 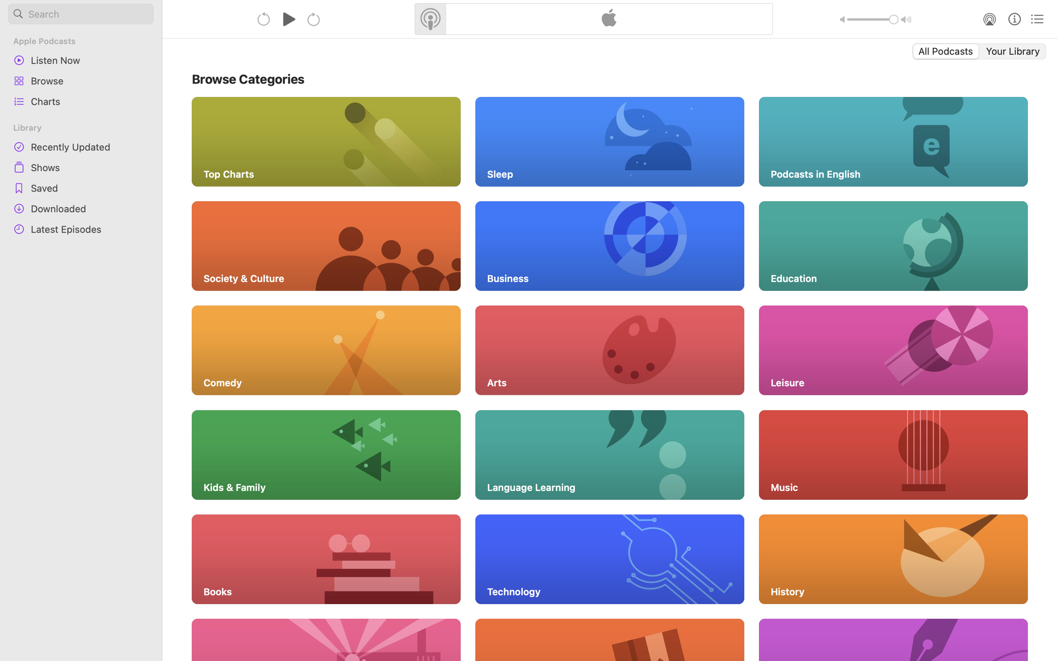 What do you see at coordinates (873, 19) in the screenshot?
I see `'1.0'` at bounding box center [873, 19].